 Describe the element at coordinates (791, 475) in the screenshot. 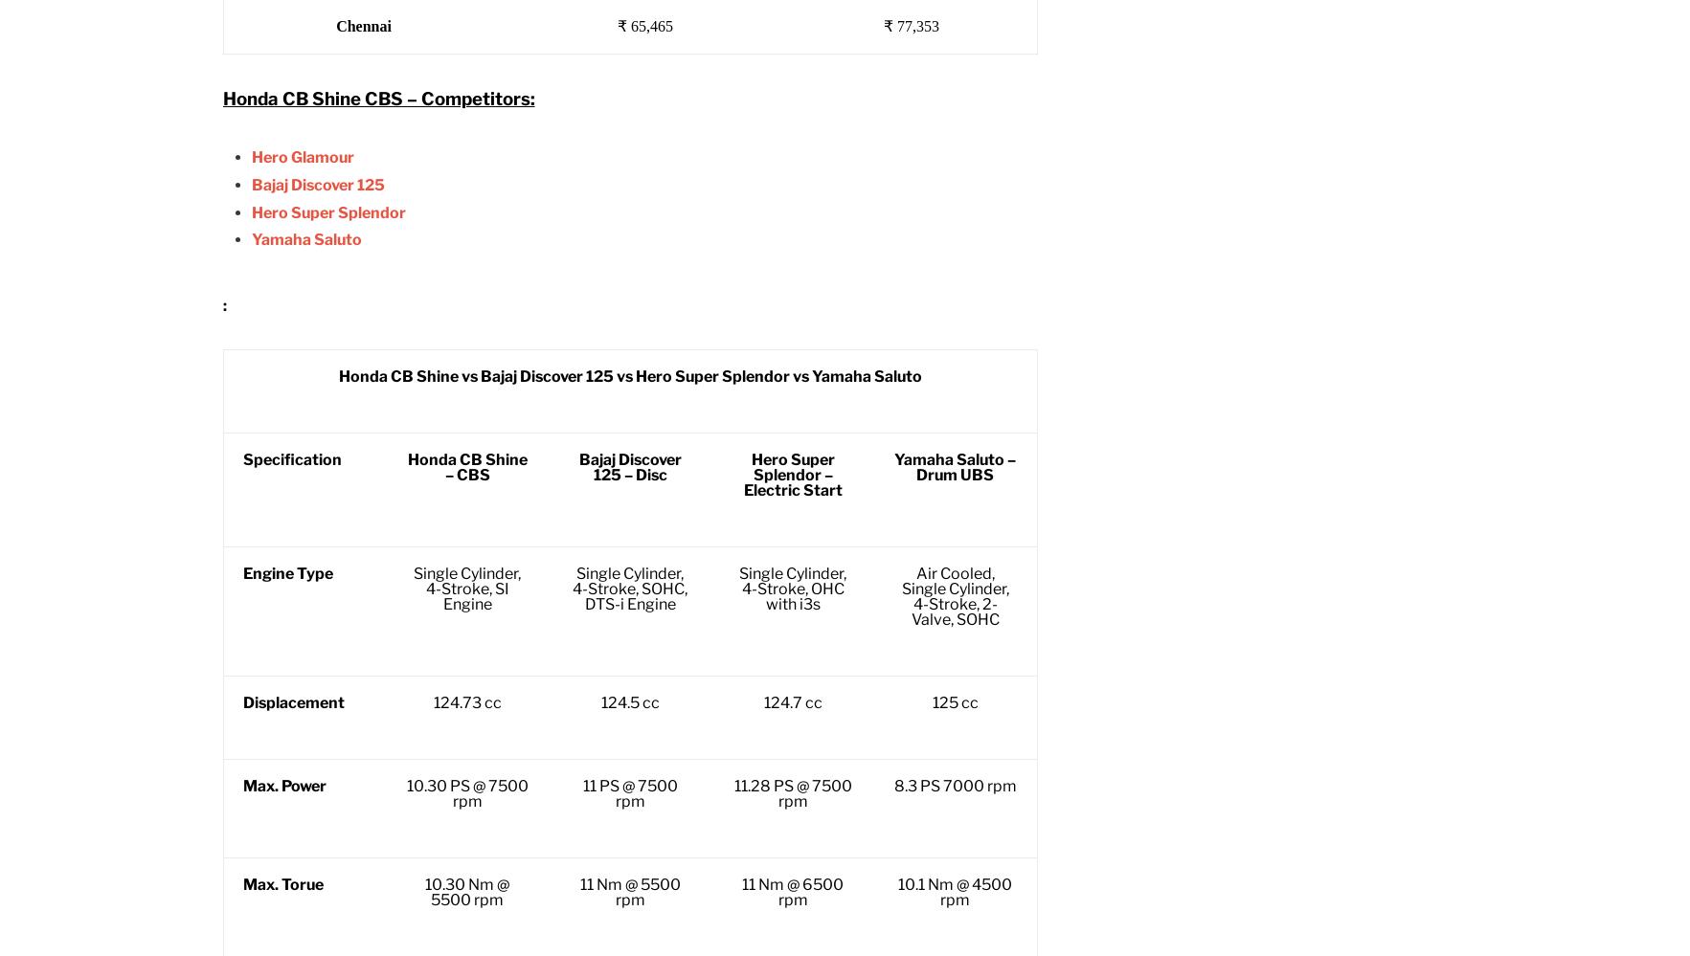

I see `'Hero Super Splendor – Electric Start'` at that location.